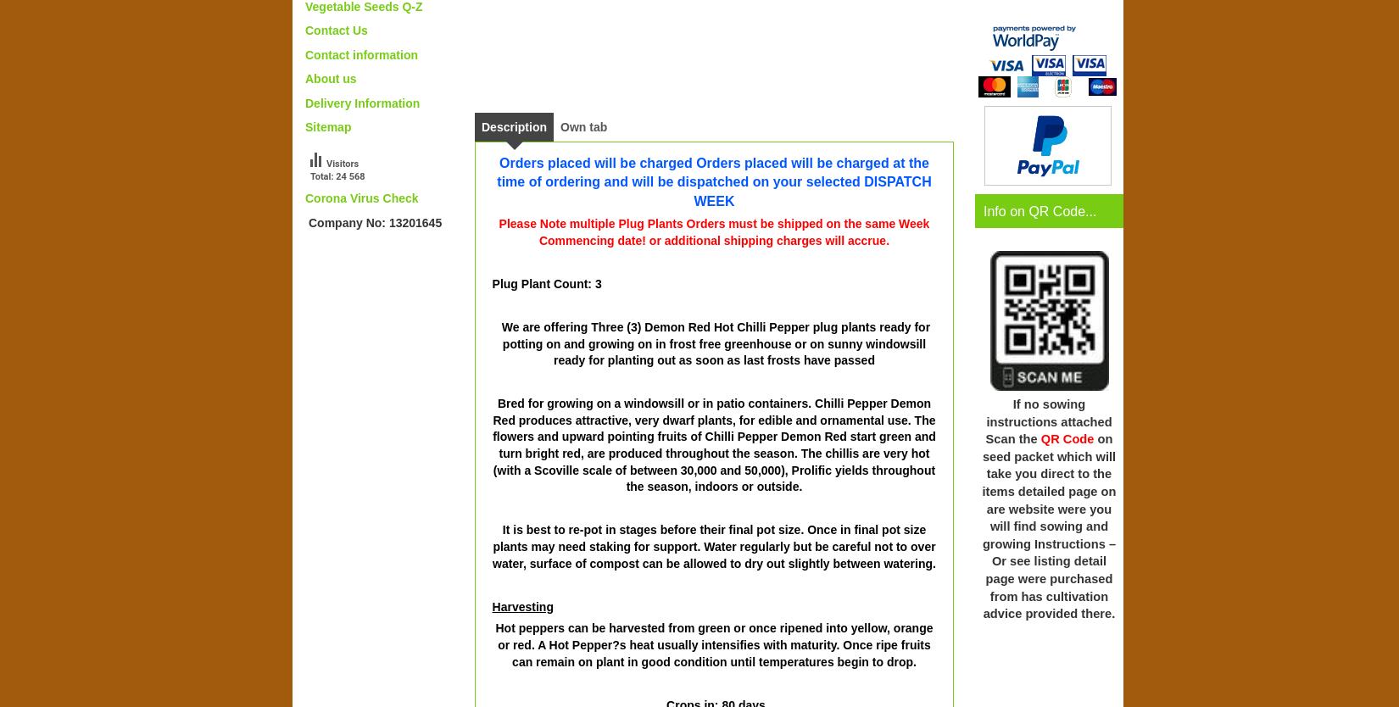  What do you see at coordinates (582, 126) in the screenshot?
I see `'Own tab'` at bounding box center [582, 126].